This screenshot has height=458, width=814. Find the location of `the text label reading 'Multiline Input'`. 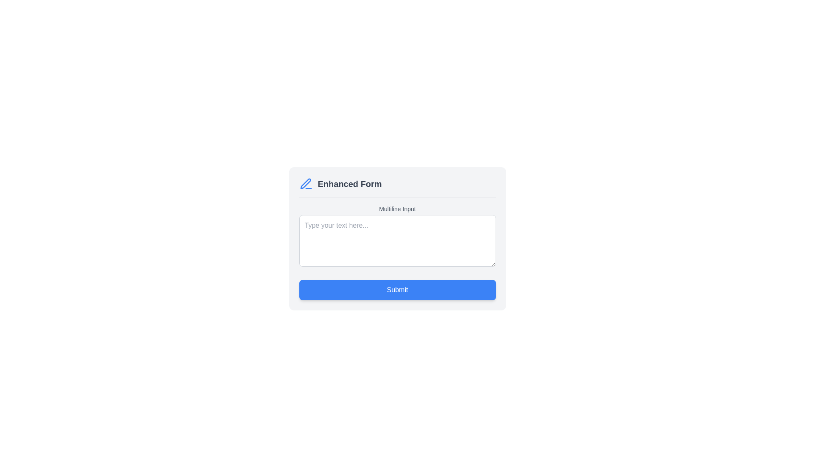

the text label reading 'Multiline Input' is located at coordinates (397, 209).